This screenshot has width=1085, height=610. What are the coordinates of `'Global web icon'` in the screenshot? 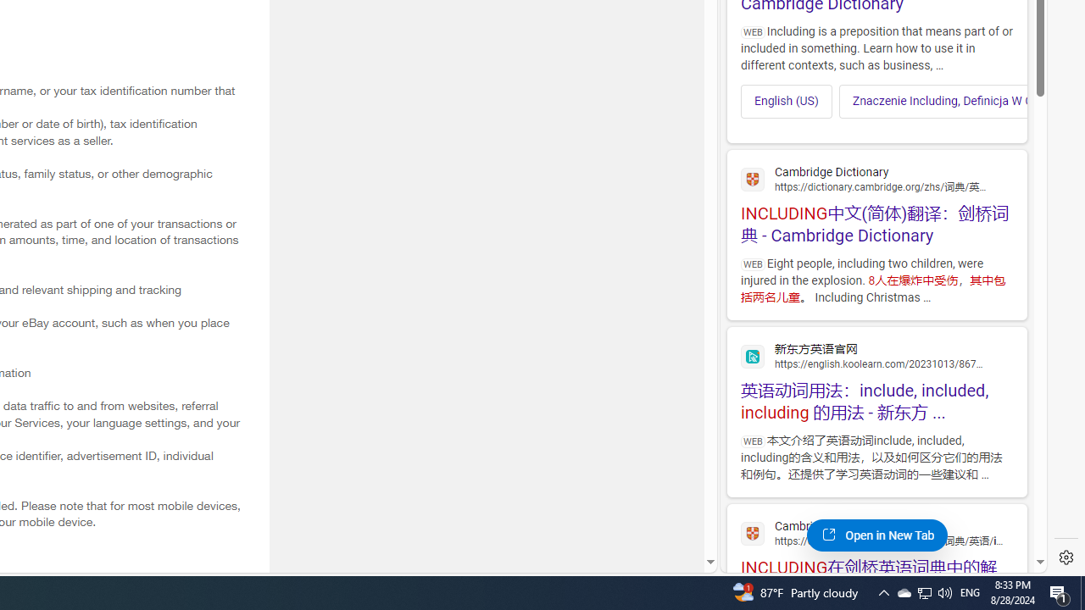 It's located at (752, 534).